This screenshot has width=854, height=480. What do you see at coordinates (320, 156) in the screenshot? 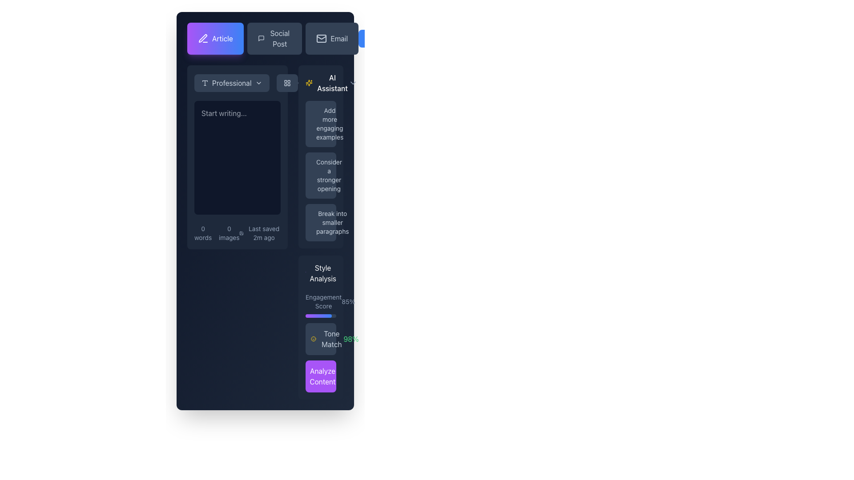
I see `the interactive button with dark slate background and light slate text reading 'Consider a stronger opening' to apply the suggestion` at bounding box center [320, 156].